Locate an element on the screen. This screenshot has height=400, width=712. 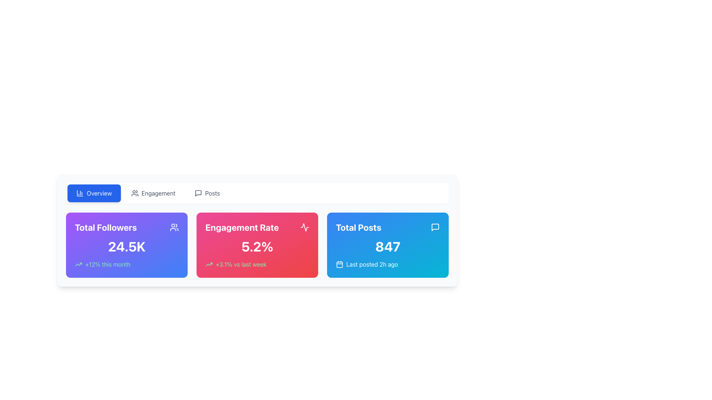
the Text-and-Icon Group that contains a calendar icon and the text 'Last posted 2h ago', located at the bottom part of the 'Total Posts' card is located at coordinates (388, 264).